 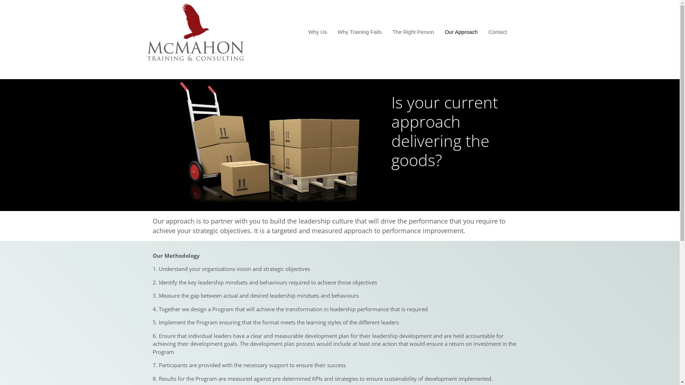 I want to click on 'leadership training that works', so click(x=147, y=56).